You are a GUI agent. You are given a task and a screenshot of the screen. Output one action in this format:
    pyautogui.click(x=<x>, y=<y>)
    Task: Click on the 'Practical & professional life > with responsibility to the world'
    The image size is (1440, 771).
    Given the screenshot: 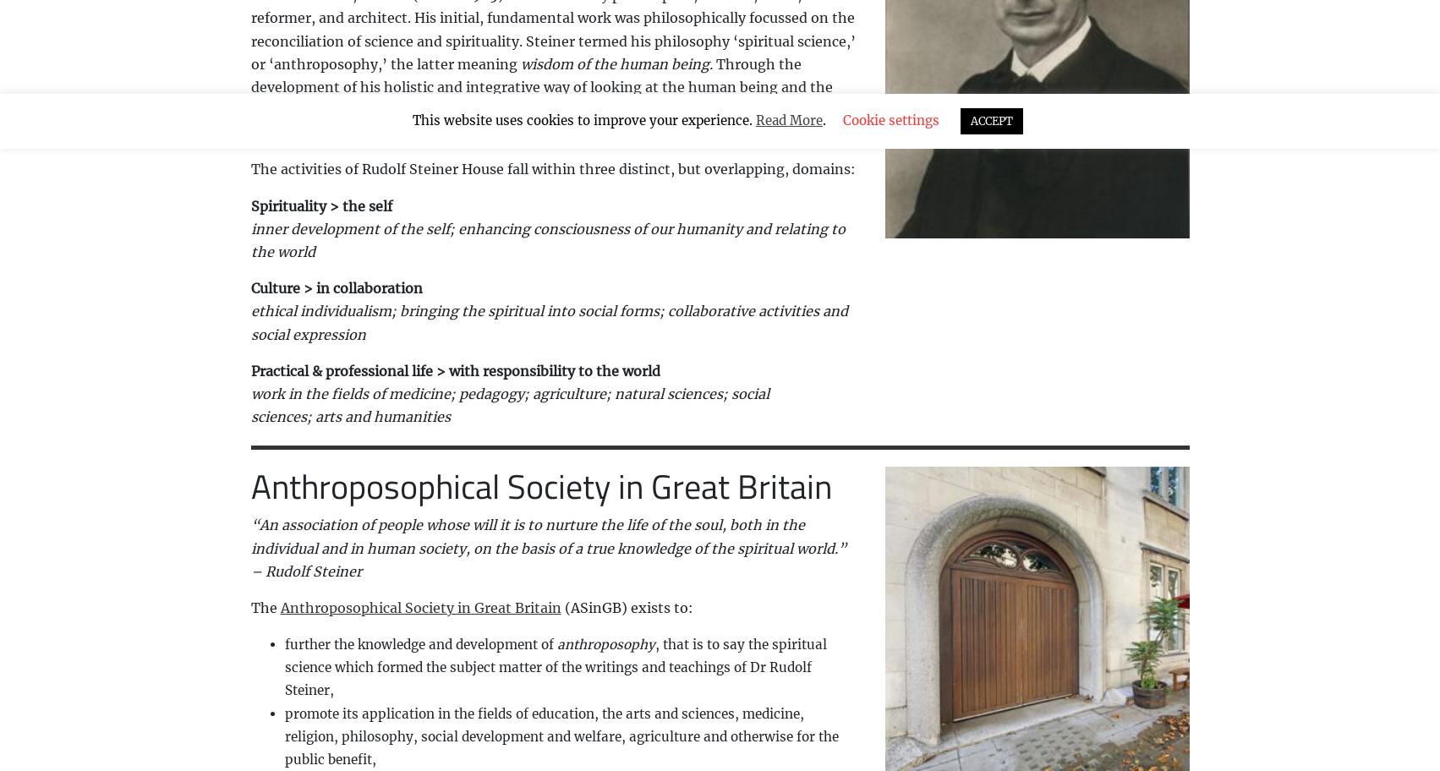 What is the action you would take?
    pyautogui.click(x=453, y=369)
    